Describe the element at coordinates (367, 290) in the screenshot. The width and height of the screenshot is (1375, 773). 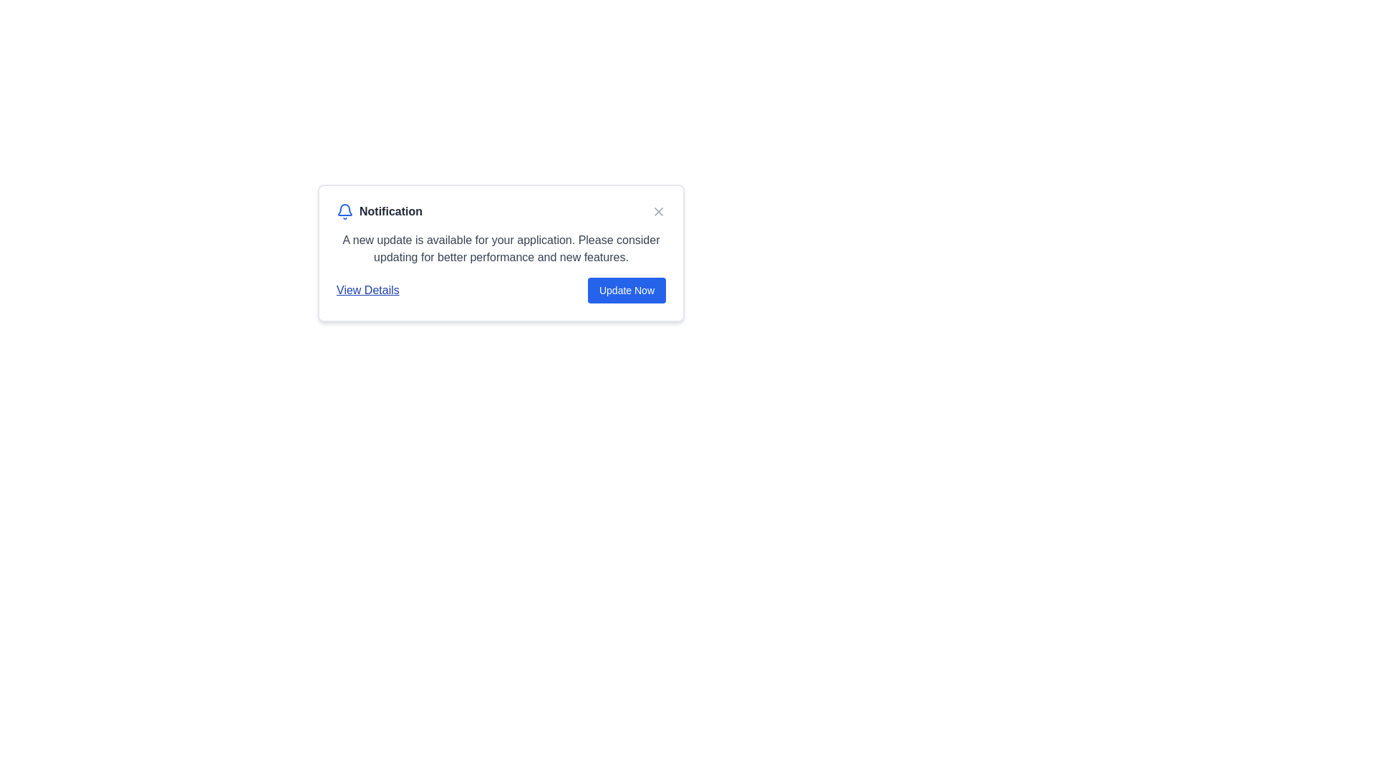
I see `the 'View Details' hyperlink styled with a blue font color and underline effect, located at the bottom-left corner of the notification card` at that location.